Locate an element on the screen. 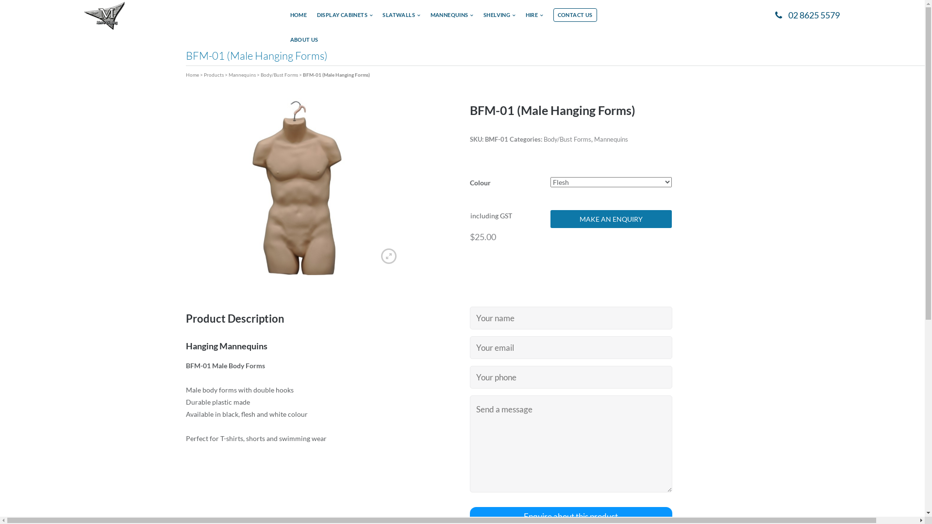 This screenshot has width=932, height=524. 'Home' is located at coordinates (192, 74).